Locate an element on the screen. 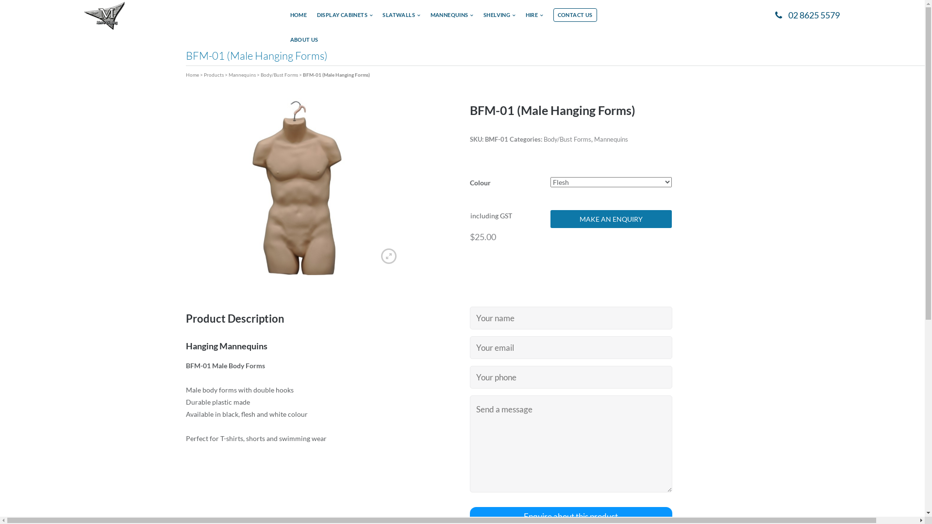 This screenshot has width=932, height=524. 'Home' is located at coordinates (192, 74).